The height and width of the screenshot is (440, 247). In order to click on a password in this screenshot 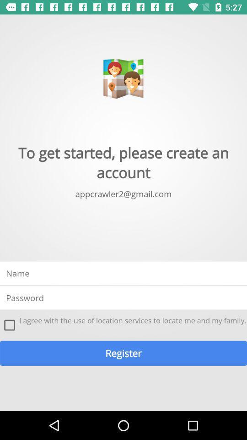, I will do `click(123, 297)`.